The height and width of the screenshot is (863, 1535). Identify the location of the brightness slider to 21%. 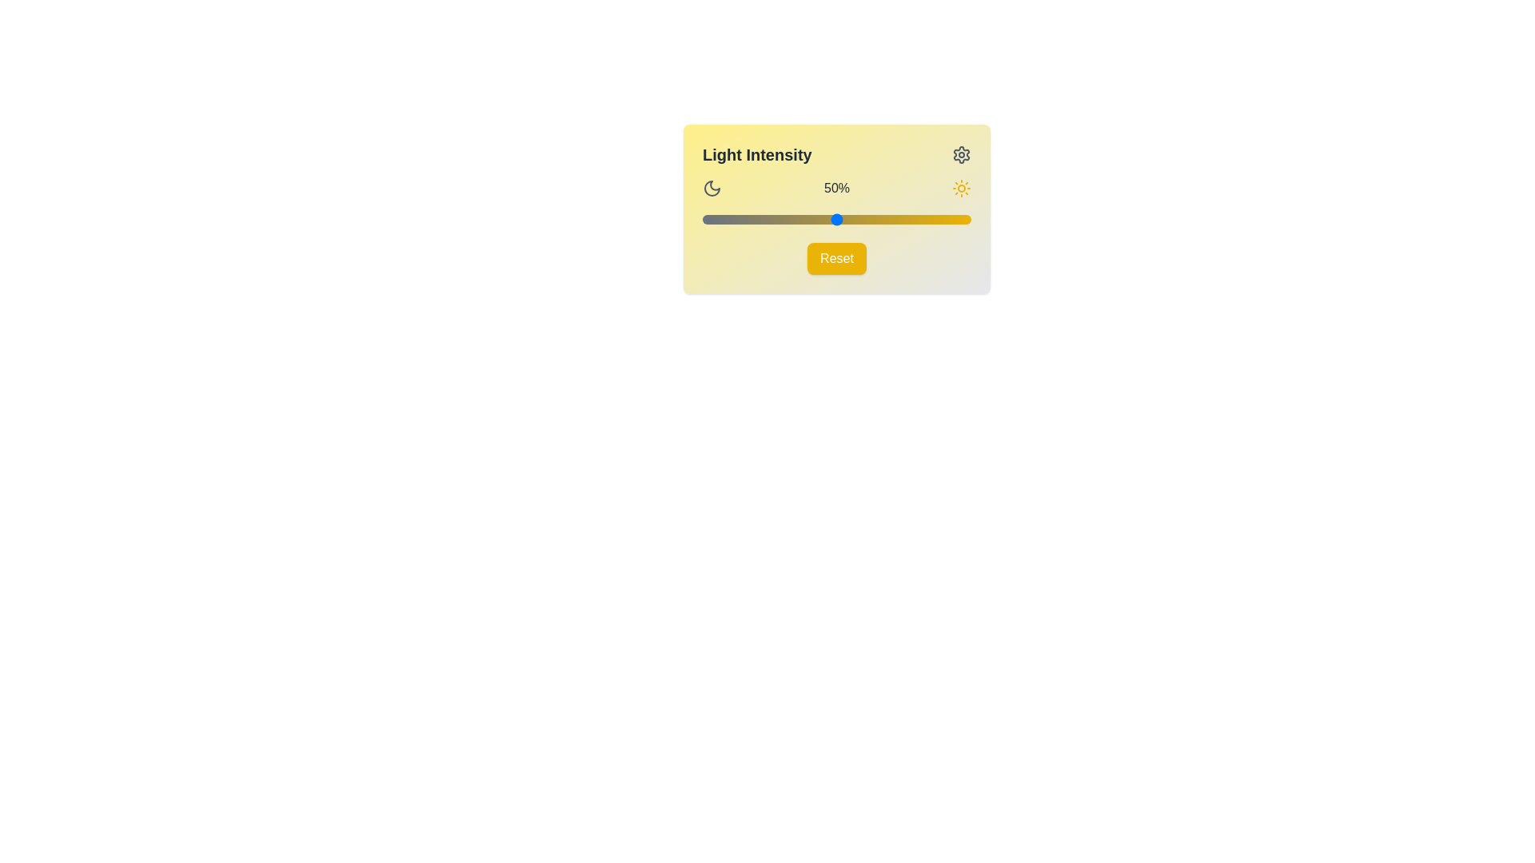
(758, 219).